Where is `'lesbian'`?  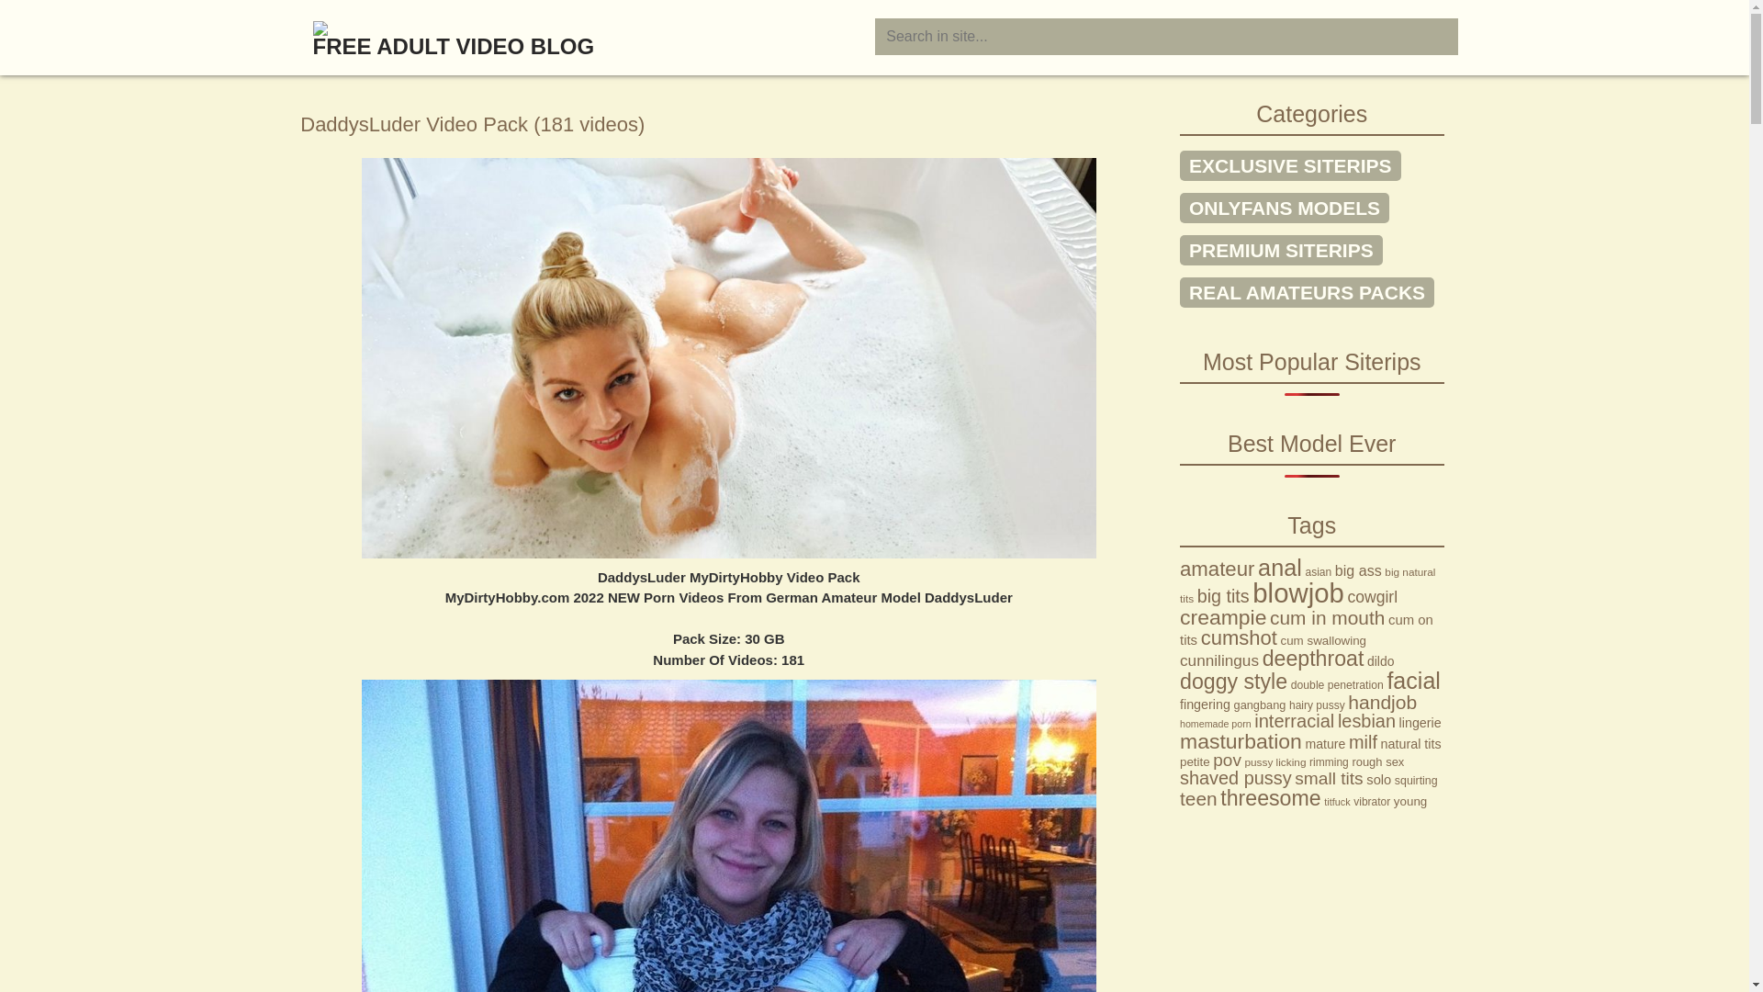
'lesbian' is located at coordinates (1366, 720).